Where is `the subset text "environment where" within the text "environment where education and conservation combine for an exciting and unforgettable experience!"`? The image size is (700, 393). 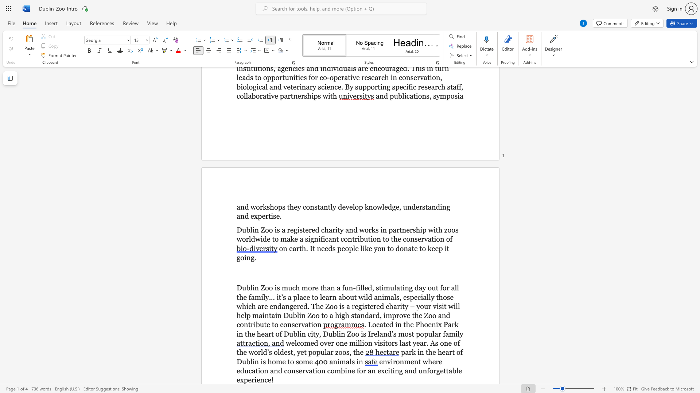 the subset text "environment where" within the text "environment where education and conservation combine for an exciting and unforgettable experience!" is located at coordinates (379, 361).